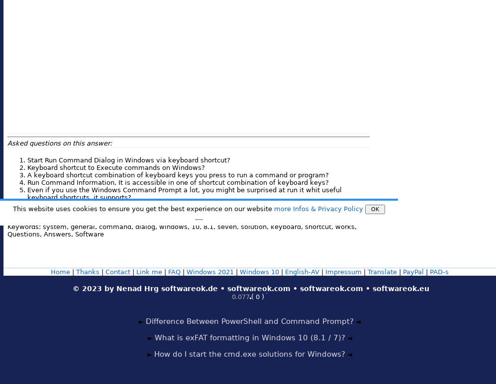 The image size is (496, 384). I want to click on 'Windows 10', so click(240, 271).